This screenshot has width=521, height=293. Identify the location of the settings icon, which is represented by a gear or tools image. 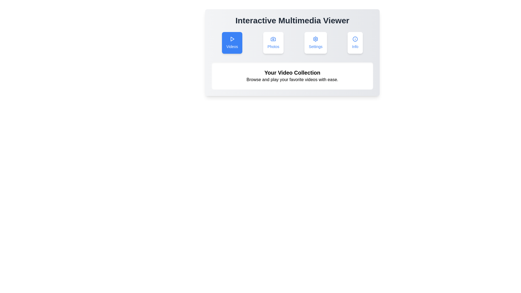
(316, 39).